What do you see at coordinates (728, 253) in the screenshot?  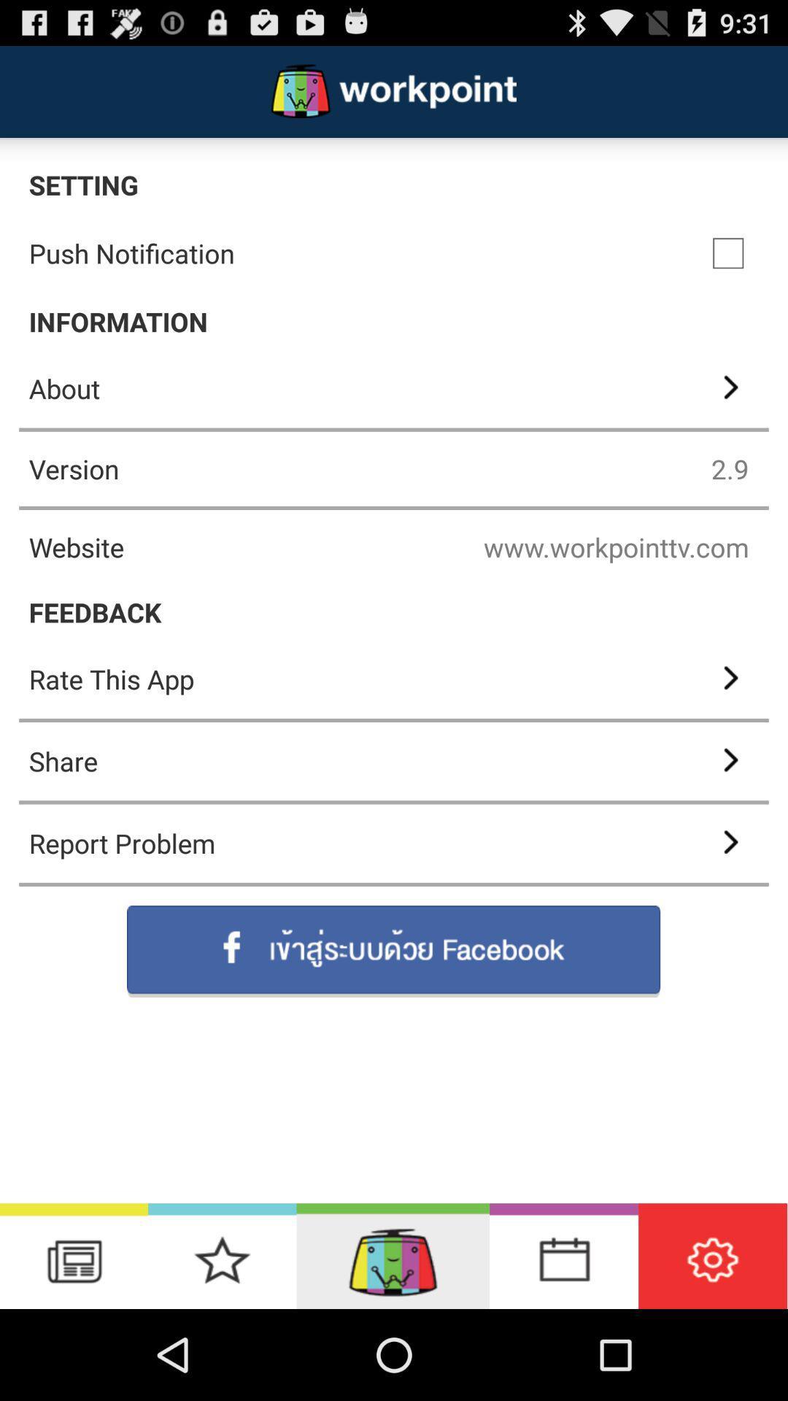 I see `app below setting` at bounding box center [728, 253].